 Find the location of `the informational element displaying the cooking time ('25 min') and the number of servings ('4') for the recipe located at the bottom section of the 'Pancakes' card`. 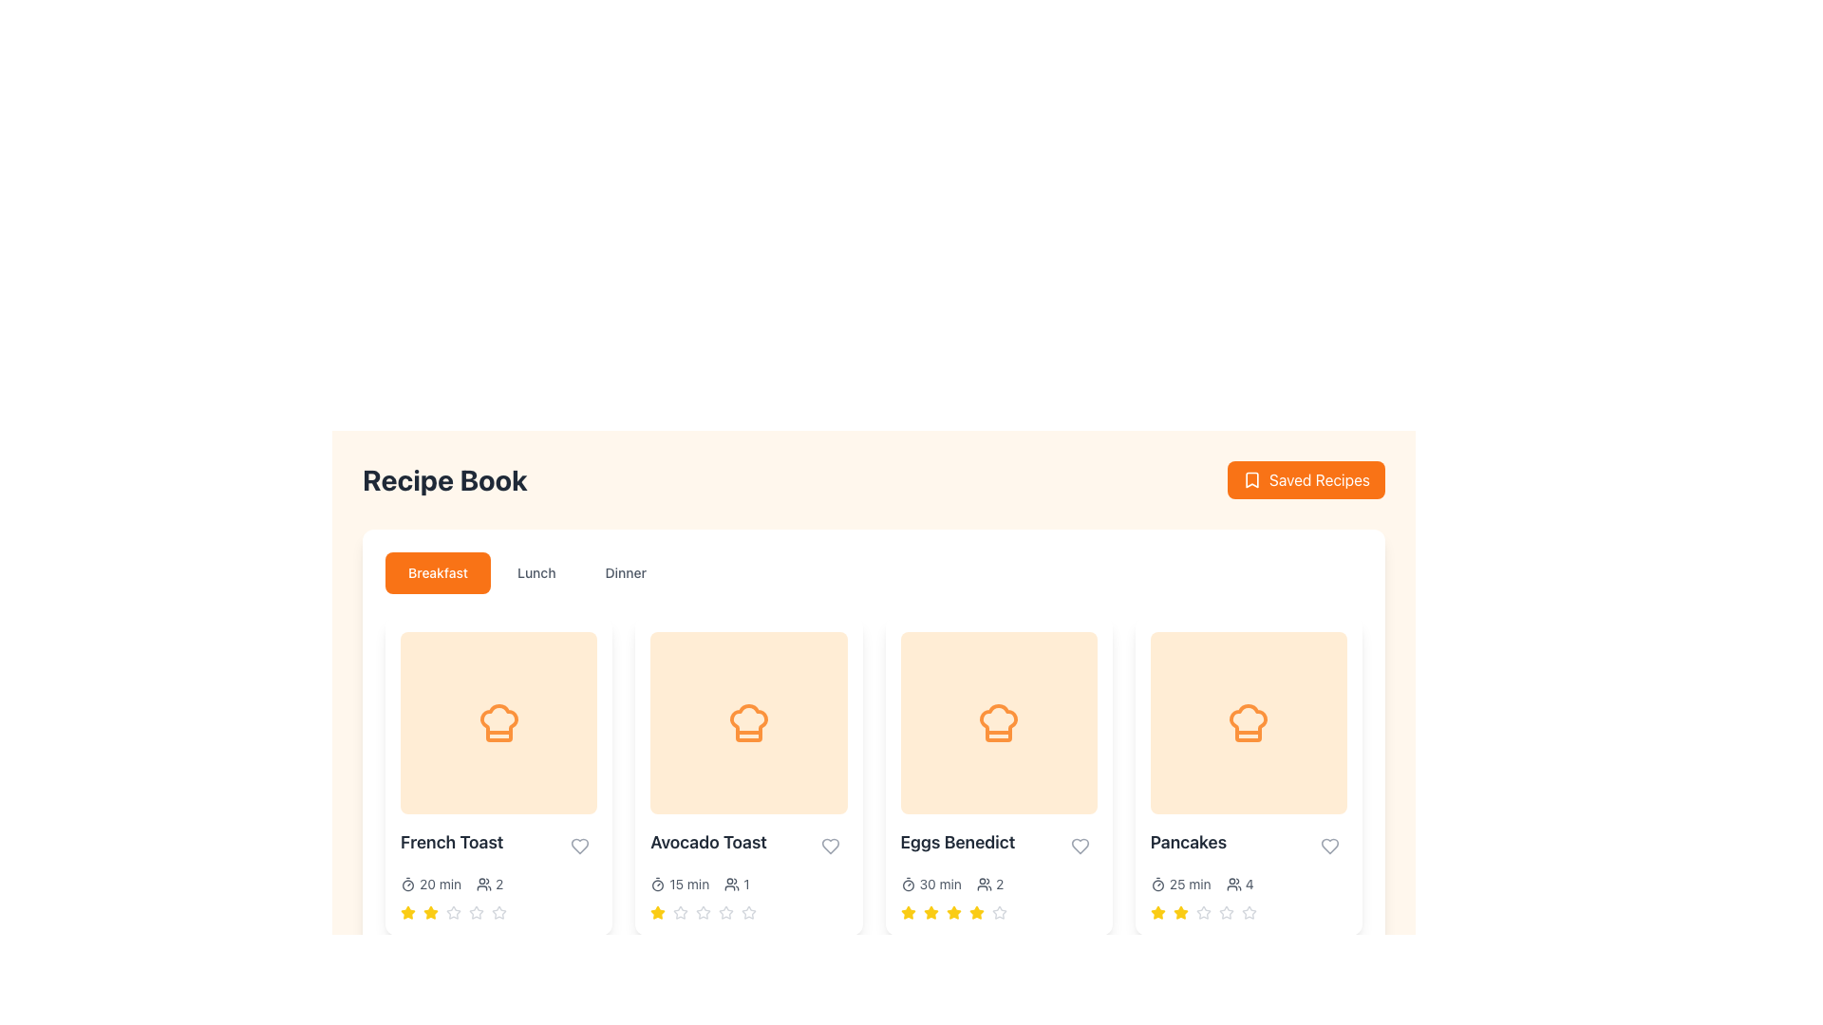

the informational element displaying the cooking time ('25 min') and the number of servings ('4') for the recipe located at the bottom section of the 'Pancakes' card is located at coordinates (1249, 885).